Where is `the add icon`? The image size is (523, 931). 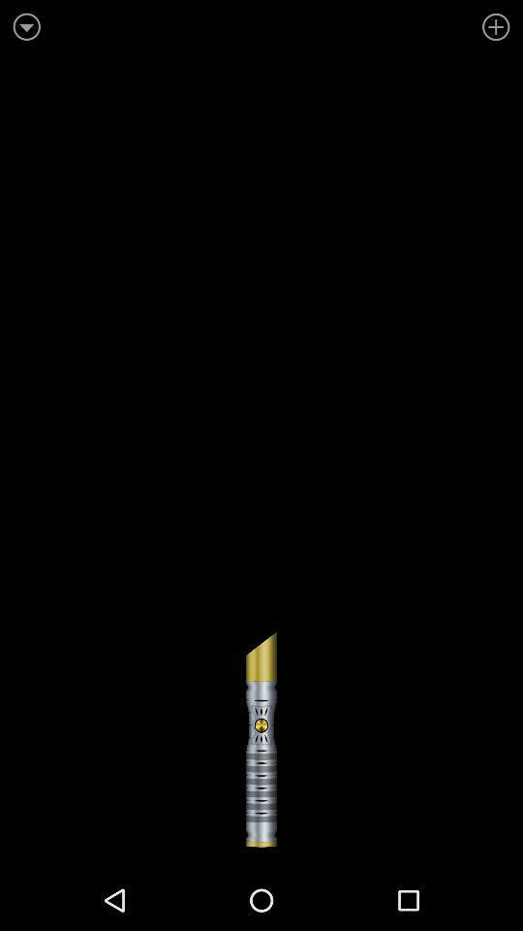
the add icon is located at coordinates (493, 25).